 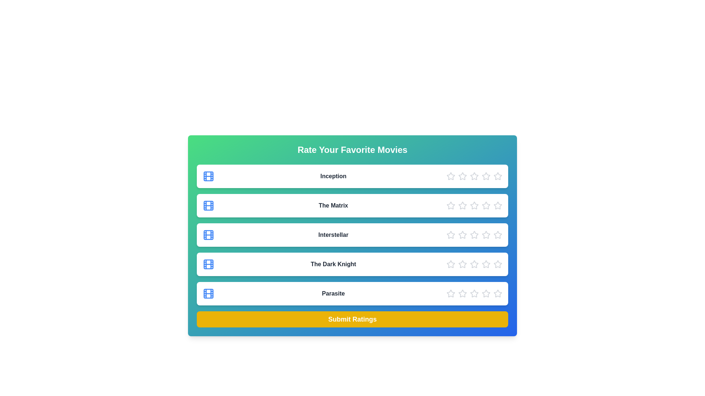 What do you see at coordinates (486, 176) in the screenshot?
I see `the star corresponding to 4 to preview the rating` at bounding box center [486, 176].